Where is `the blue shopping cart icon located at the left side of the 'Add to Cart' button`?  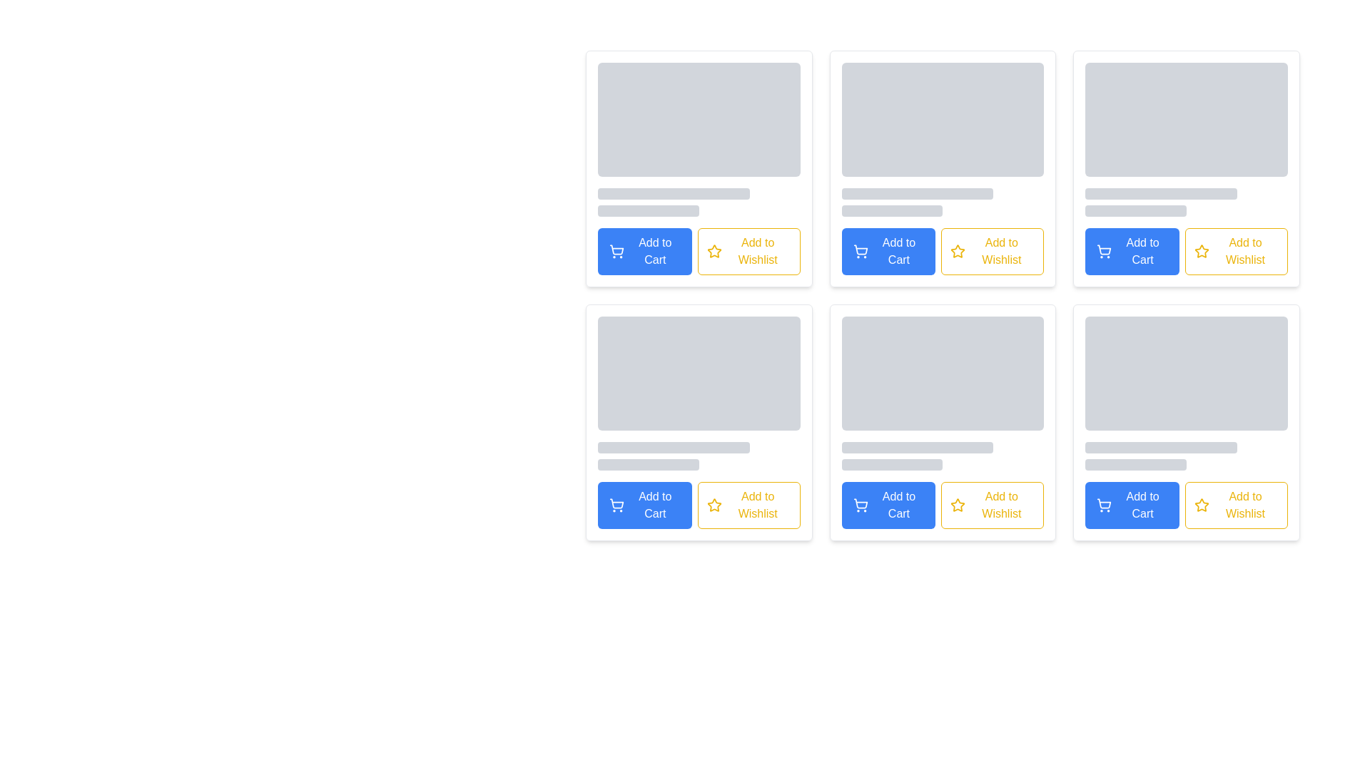
the blue shopping cart icon located at the left side of the 'Add to Cart' button is located at coordinates (860, 251).